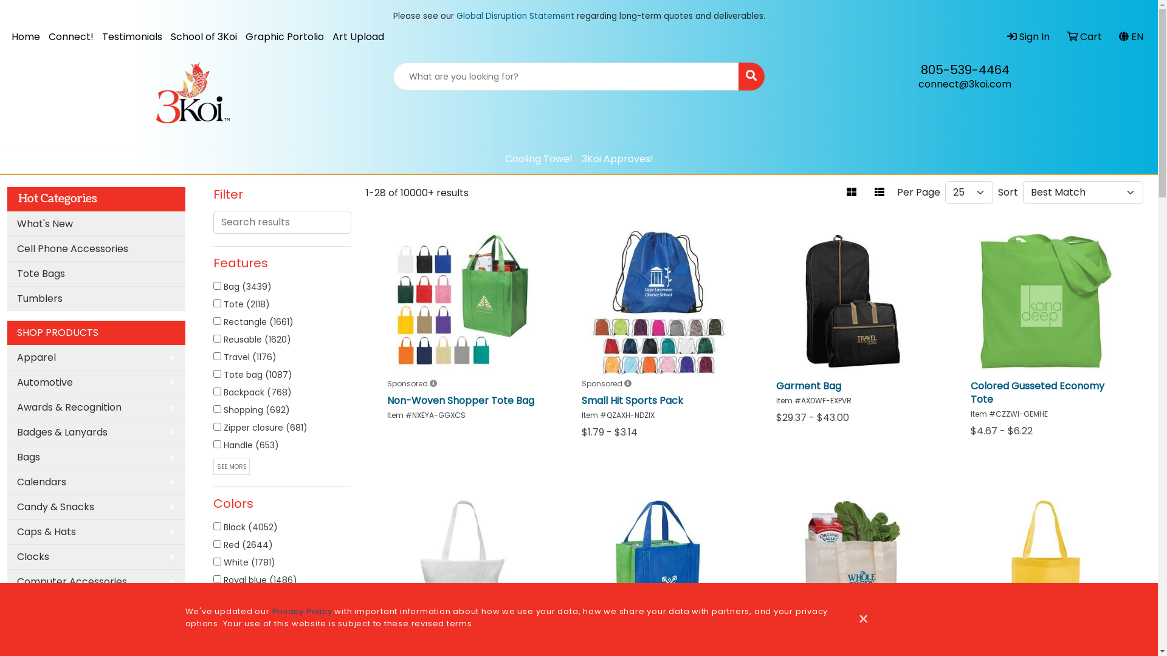 The height and width of the screenshot is (656, 1167). Describe the element at coordinates (95, 381) in the screenshot. I see `'Automotive'` at that location.